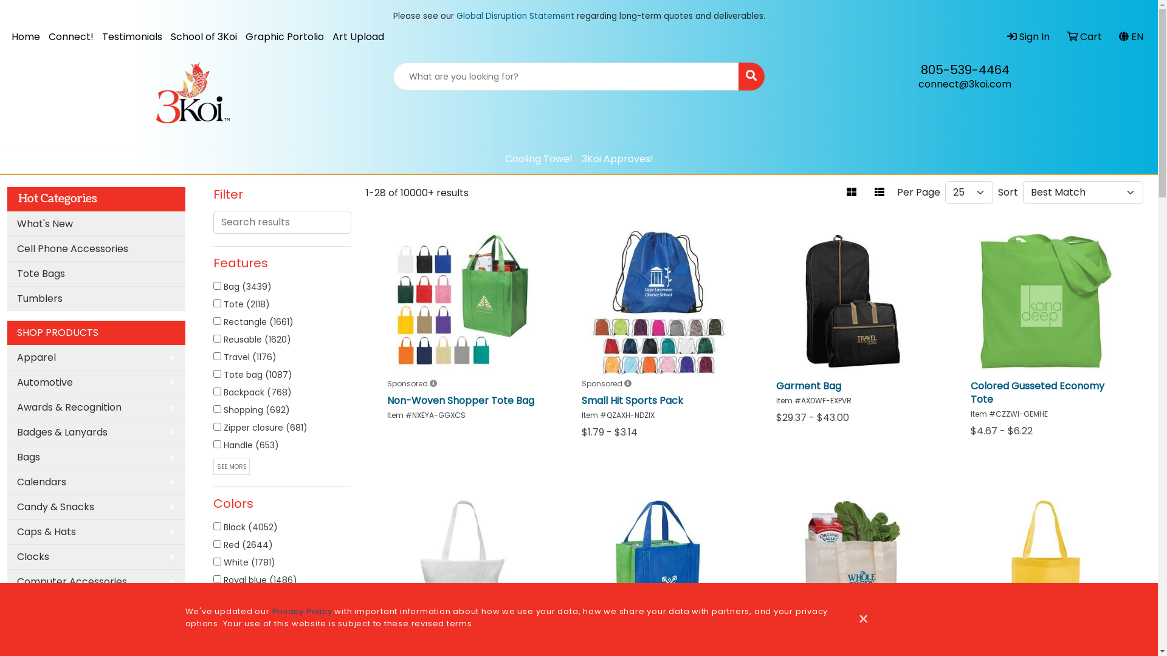 The height and width of the screenshot is (656, 1167). Describe the element at coordinates (95, 381) in the screenshot. I see `'Automotive'` at that location.